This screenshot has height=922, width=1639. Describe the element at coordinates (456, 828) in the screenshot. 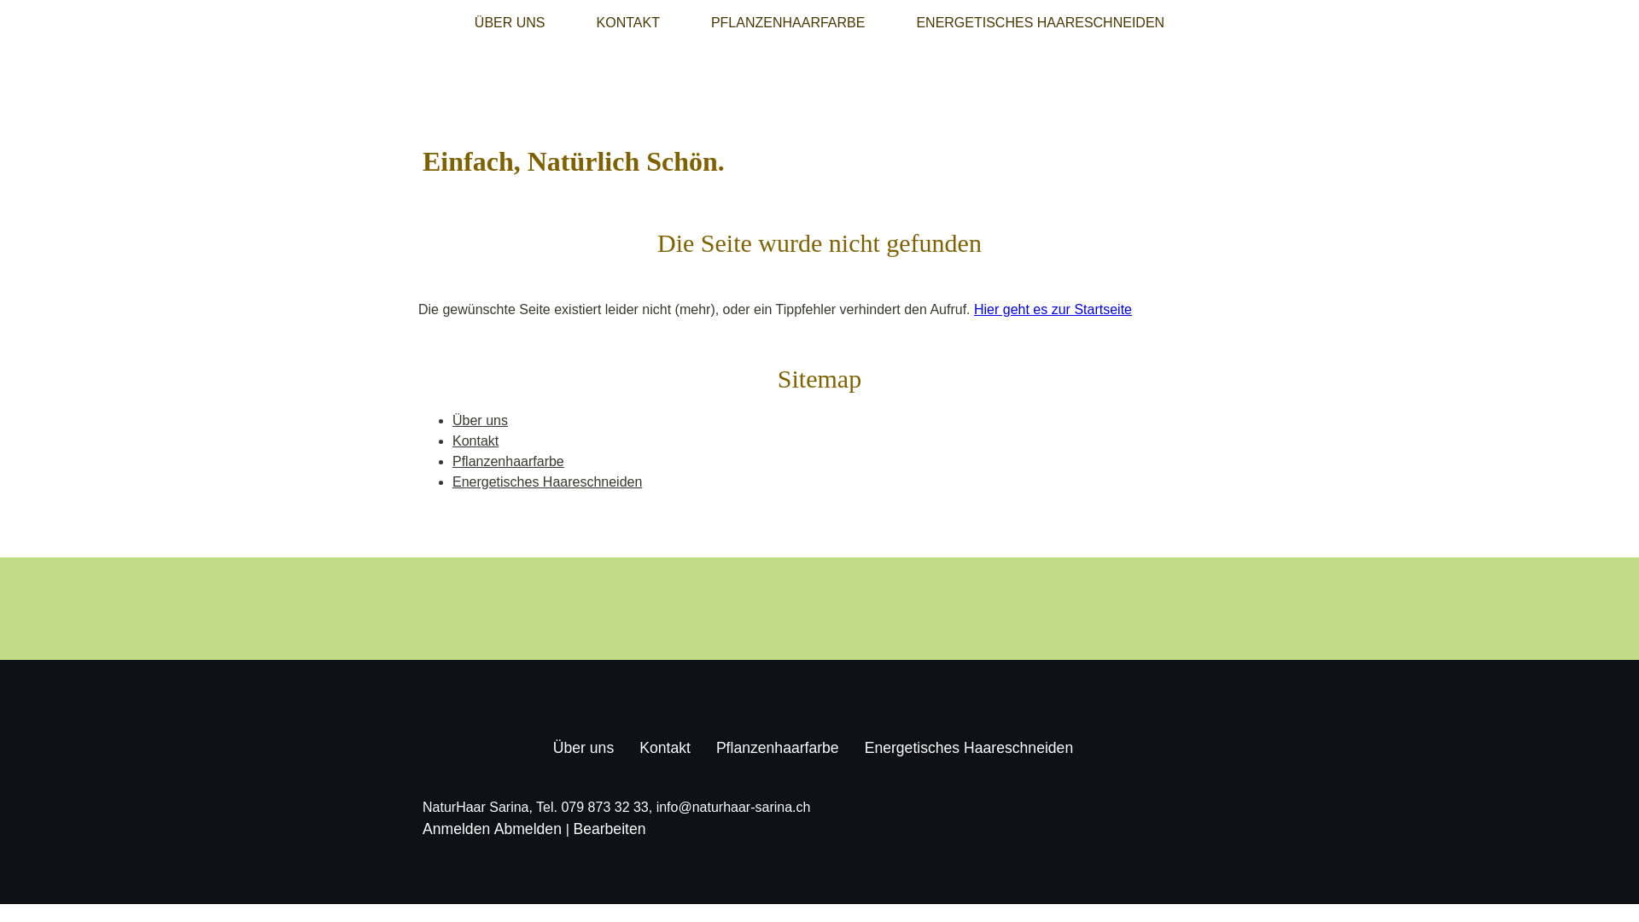

I see `'Anmelden'` at that location.